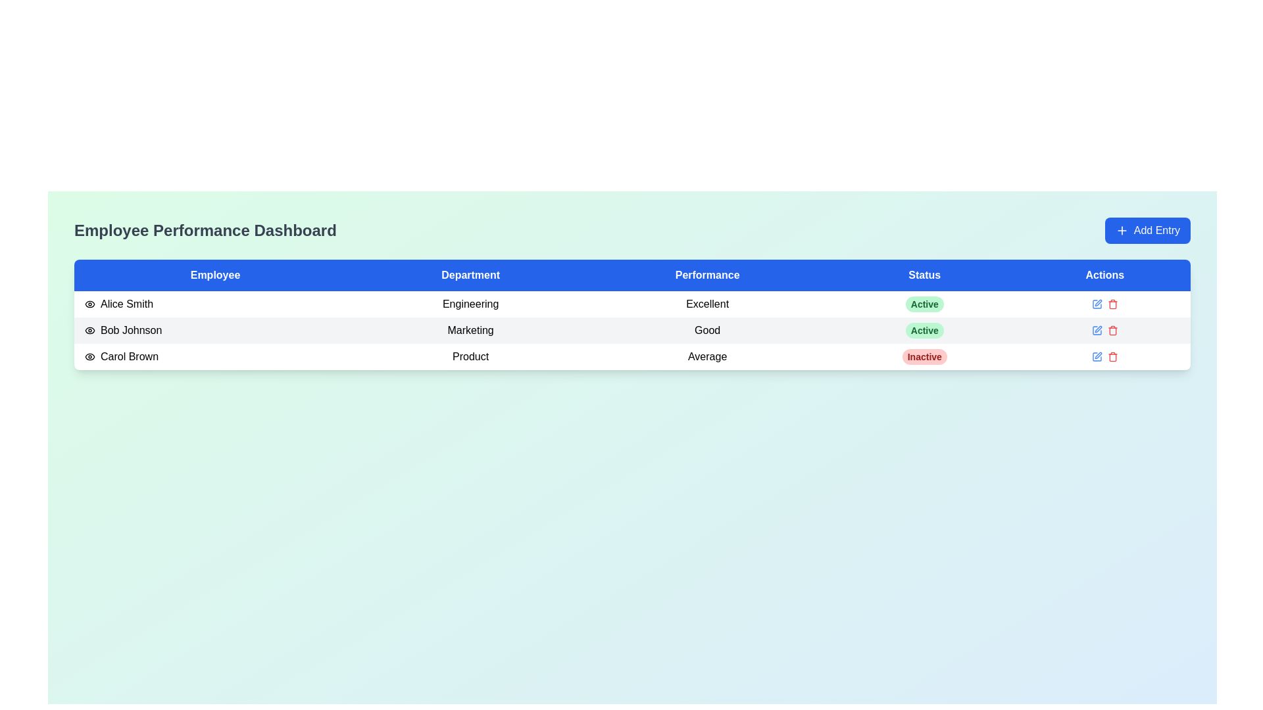  Describe the element at coordinates (924, 357) in the screenshot. I see `the red button labeled 'Inactive' with bold red text and a light red background located in the fourth column of the third row under the 'Employee Performance Dashboard'` at that location.